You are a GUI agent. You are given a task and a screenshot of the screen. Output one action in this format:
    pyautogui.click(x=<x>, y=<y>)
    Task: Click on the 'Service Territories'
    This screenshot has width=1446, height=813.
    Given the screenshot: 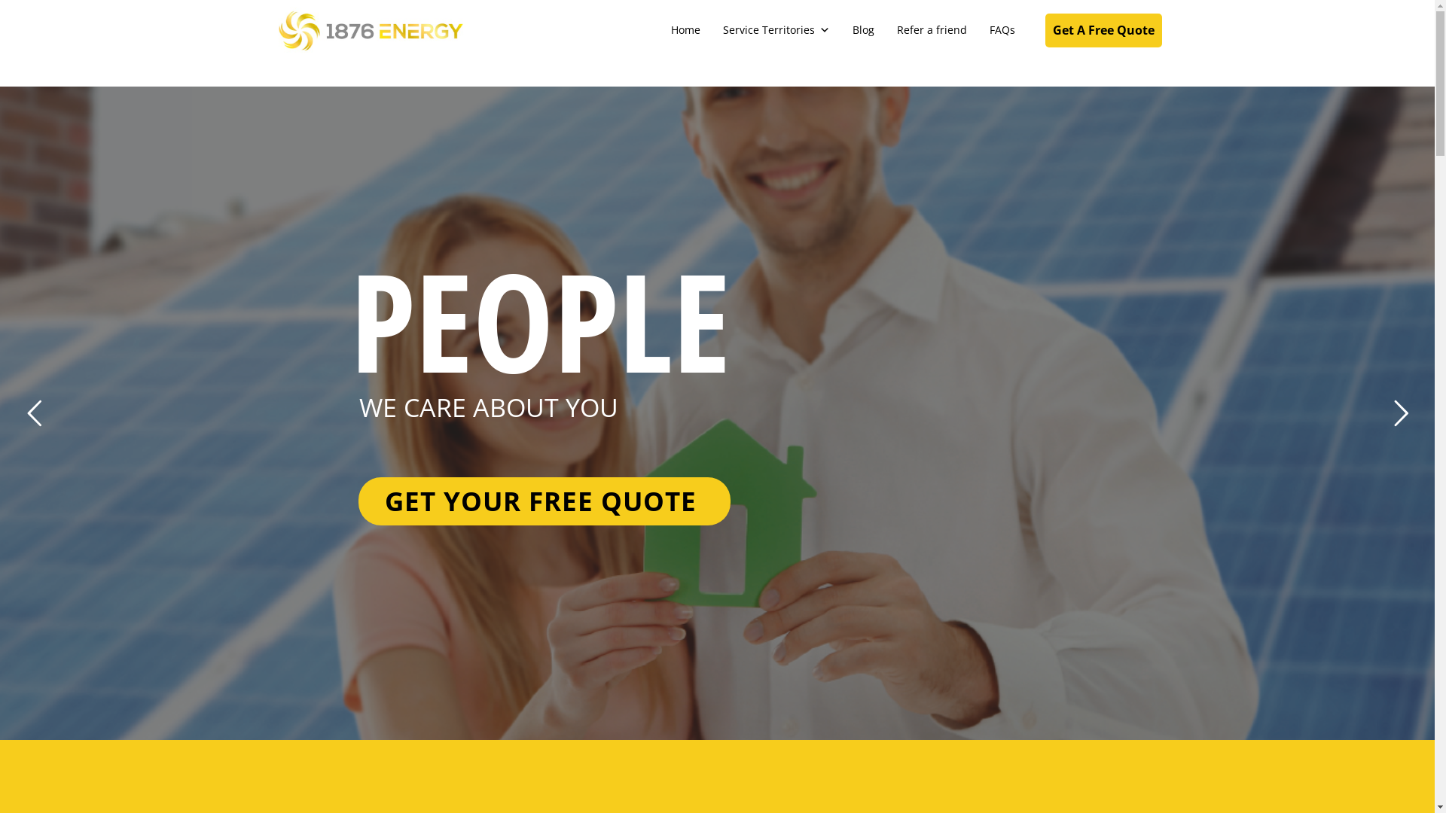 What is the action you would take?
    pyautogui.click(x=776, y=29)
    